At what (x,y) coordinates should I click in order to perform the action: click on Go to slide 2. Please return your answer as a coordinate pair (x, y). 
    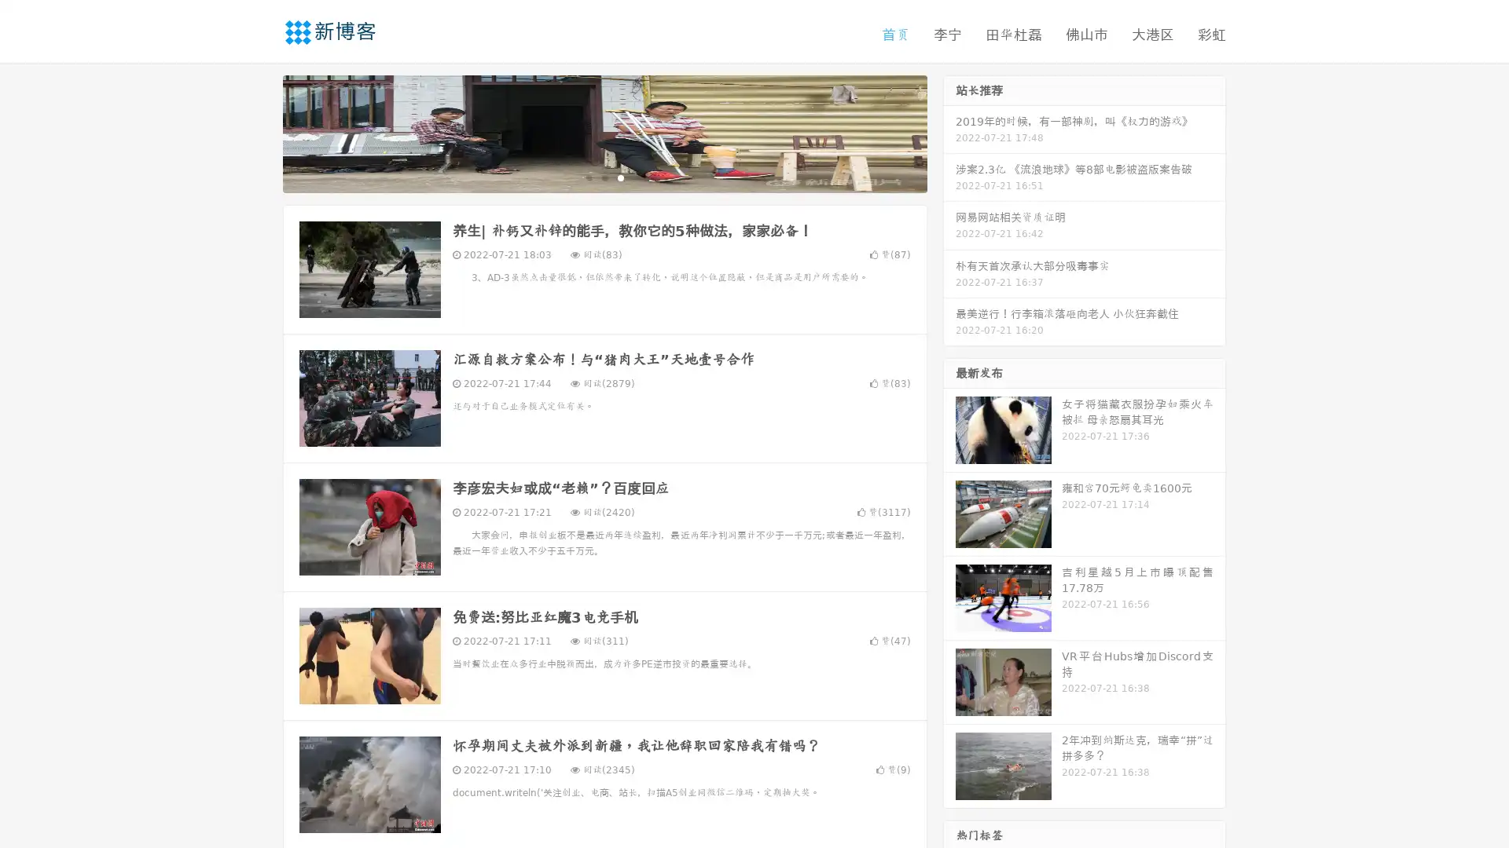
    Looking at the image, I should click on (604, 177).